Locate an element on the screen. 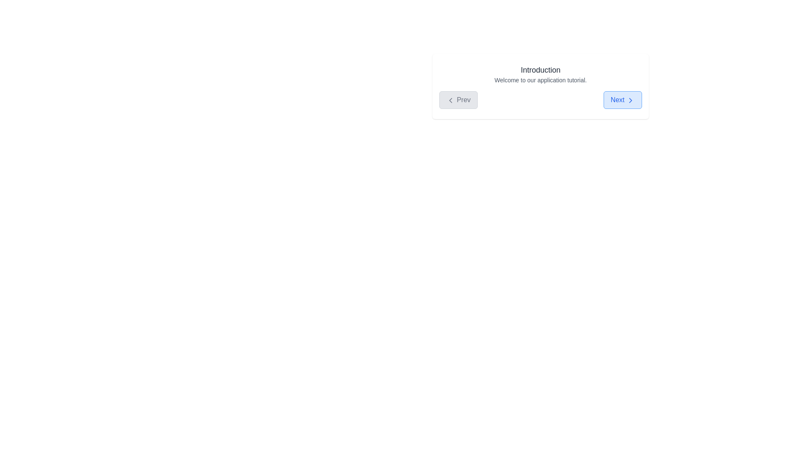 This screenshot has height=456, width=811. the navigation icon that indicates a backward action, located within the 'Prev' rectangle is located at coordinates (450, 99).